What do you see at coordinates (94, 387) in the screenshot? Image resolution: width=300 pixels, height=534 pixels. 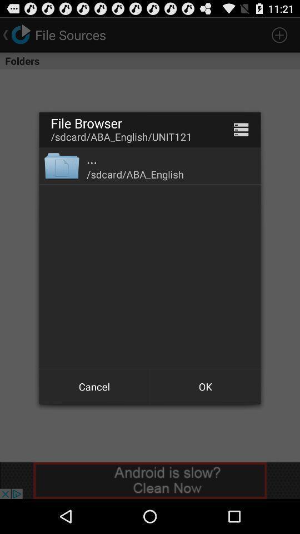 I see `the button at the bottom left corner` at bounding box center [94, 387].